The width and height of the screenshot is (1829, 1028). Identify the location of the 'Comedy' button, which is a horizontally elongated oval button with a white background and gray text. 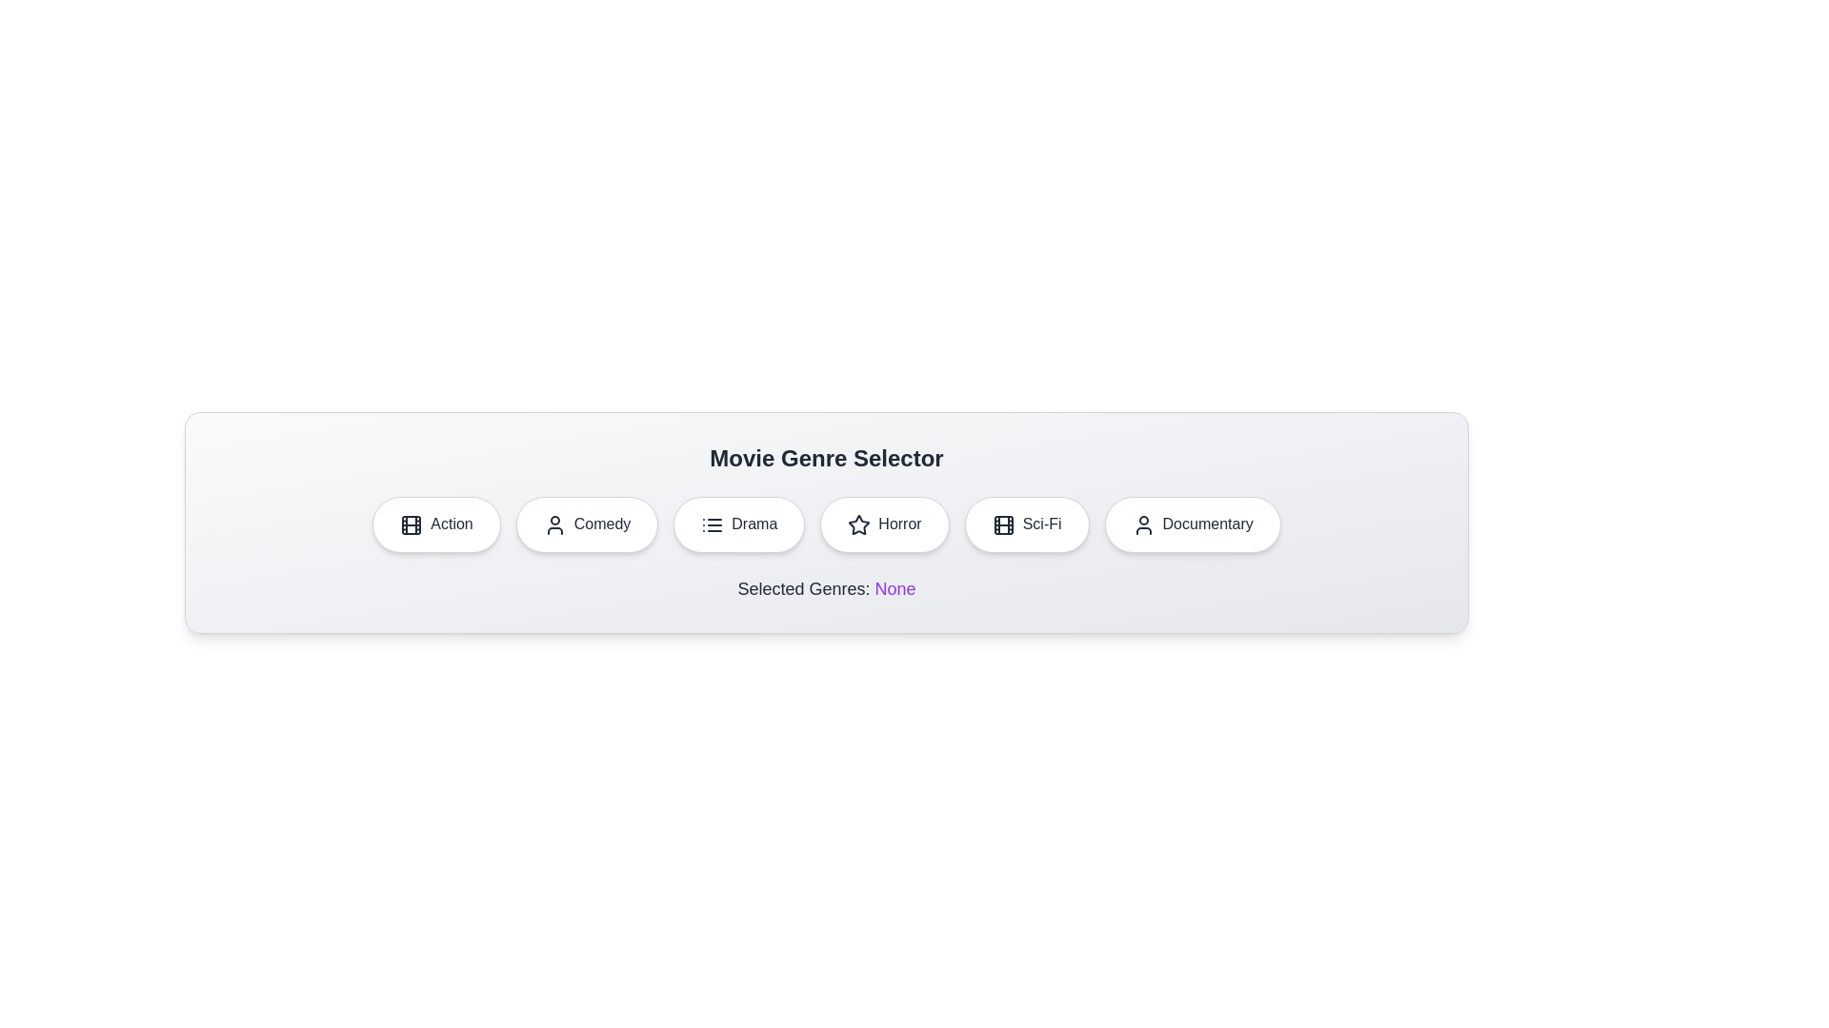
(586, 524).